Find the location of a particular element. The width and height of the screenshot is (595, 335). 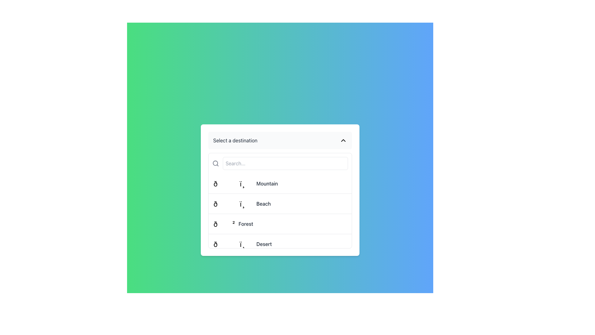

the 'Forest' dropdown menu item, which is the third option in the list is located at coordinates (280, 224).